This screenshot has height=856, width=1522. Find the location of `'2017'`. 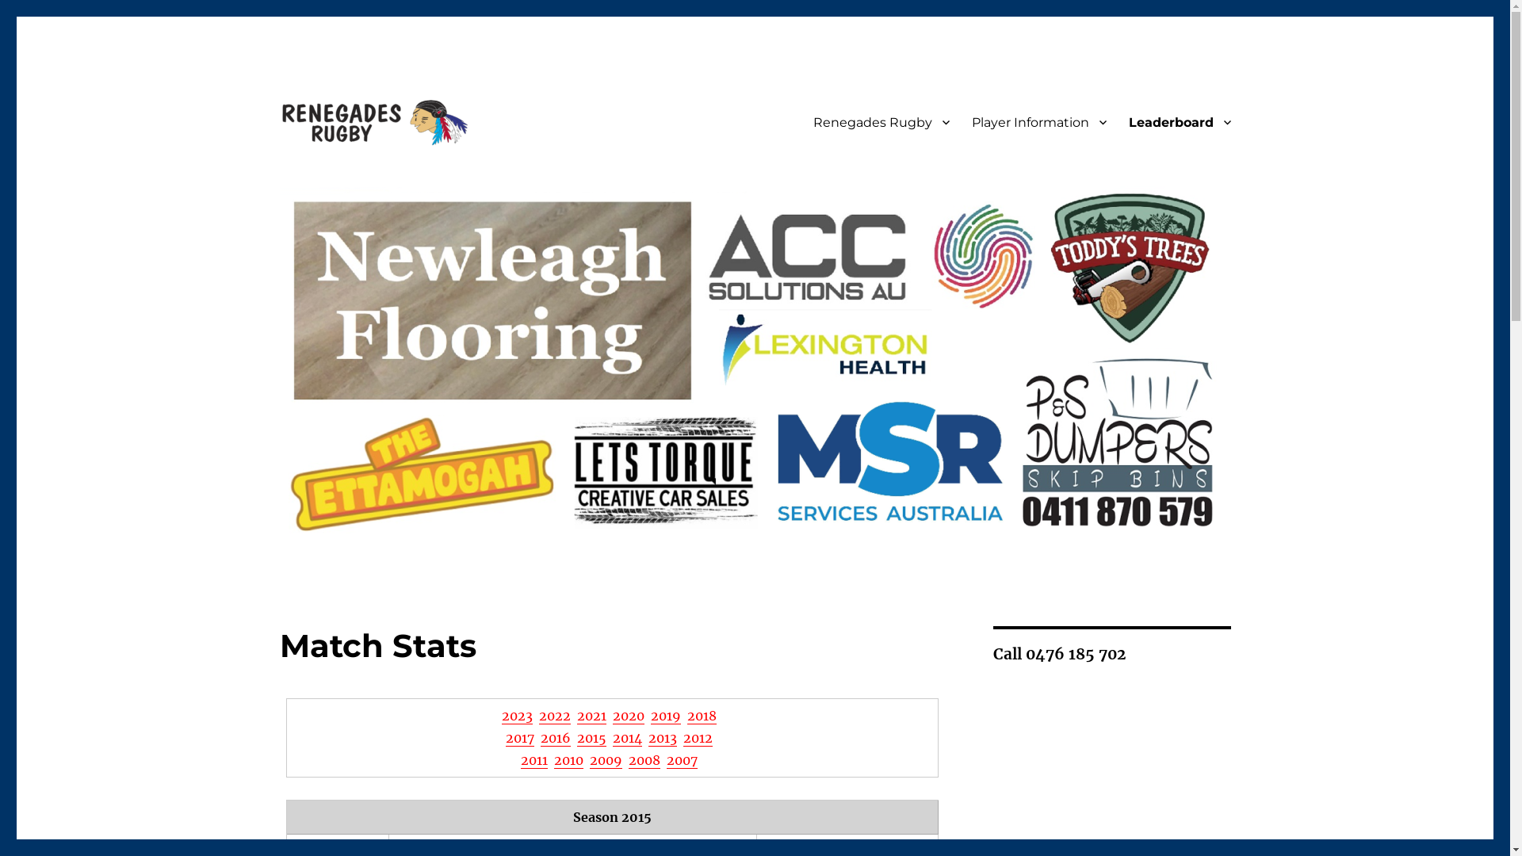

'2017' is located at coordinates (520, 737).